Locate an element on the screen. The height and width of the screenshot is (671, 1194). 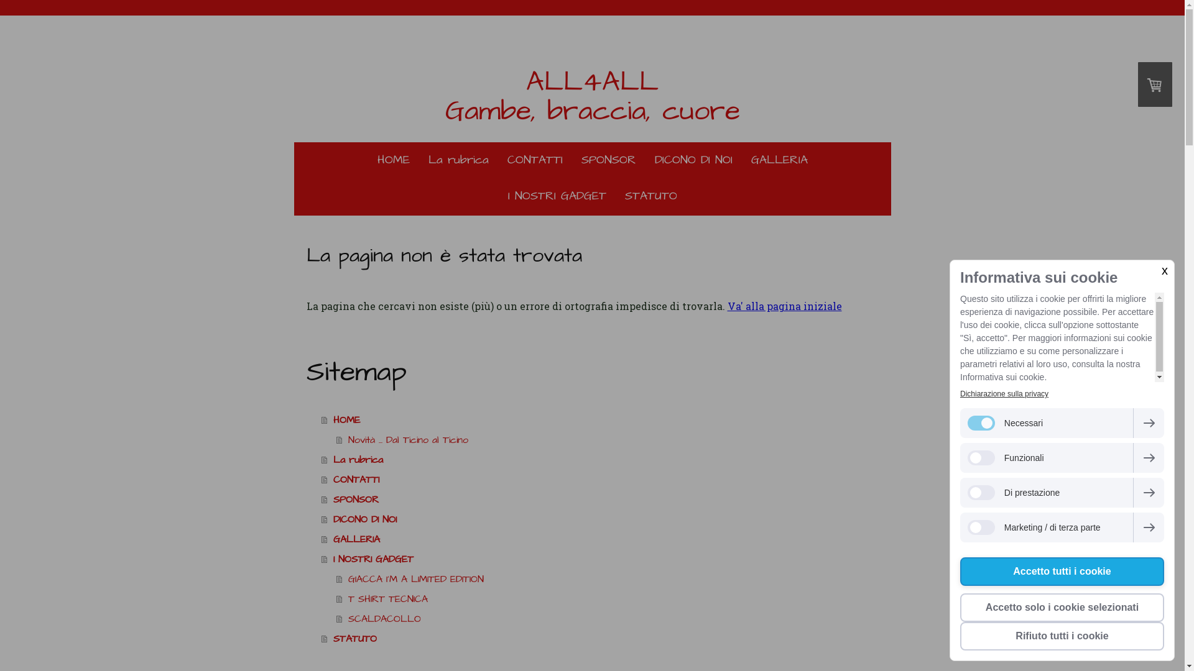
'Accetto solo i cookie selezionati' is located at coordinates (1062, 607).